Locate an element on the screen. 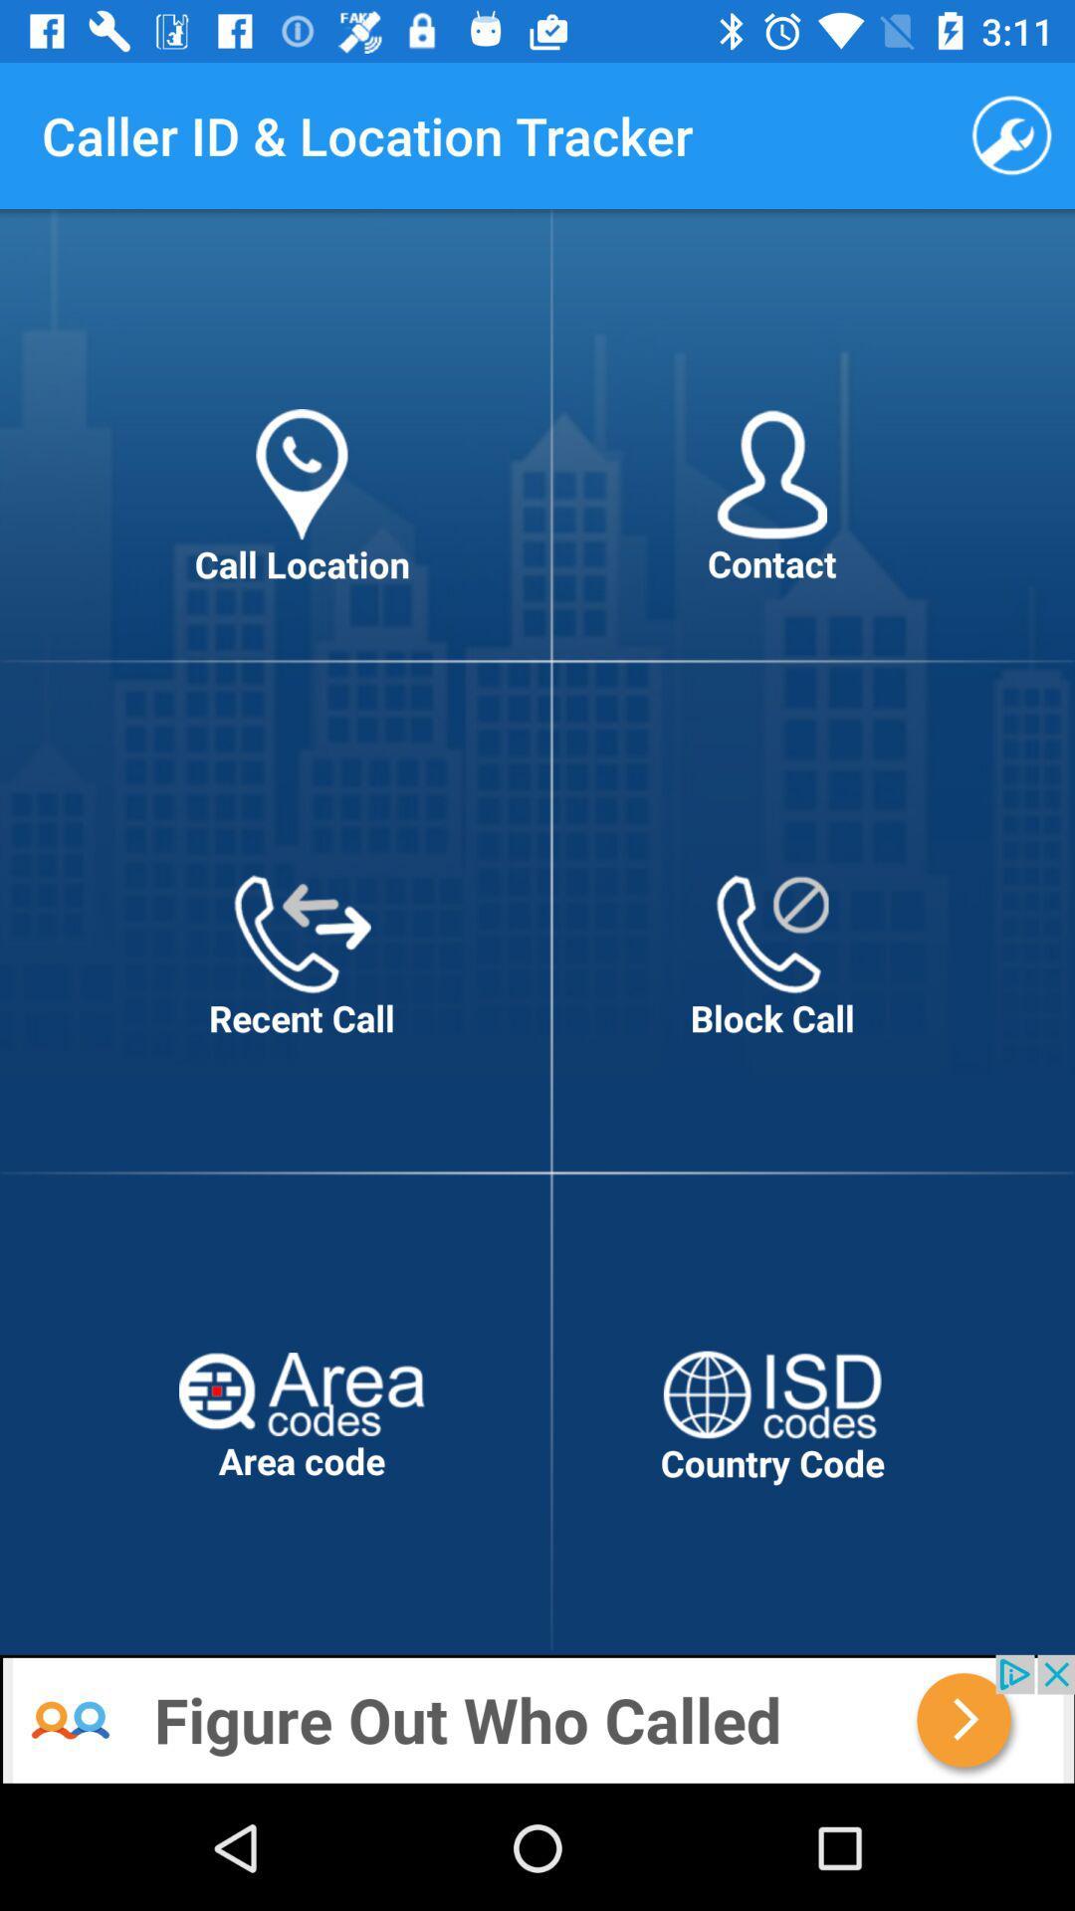  advertisement is located at coordinates (537, 1719).